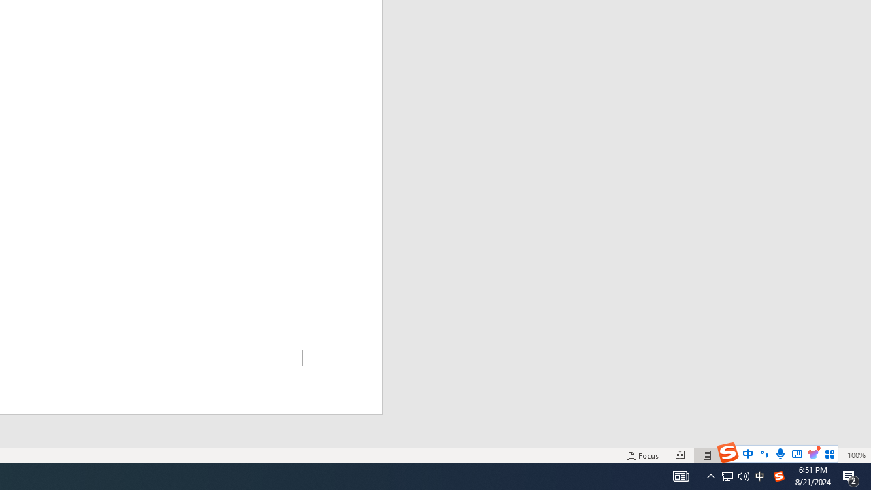  I want to click on 'Read Mode', so click(680, 455).